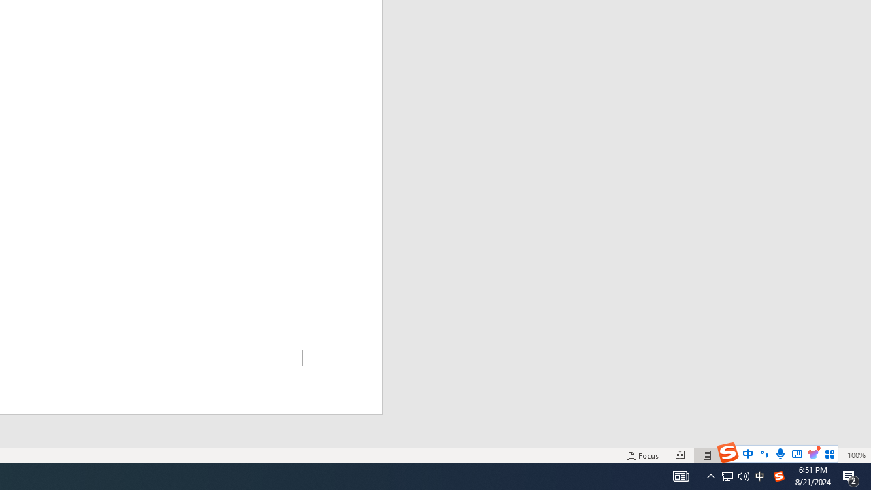  I want to click on 'Read Mode', so click(680, 455).